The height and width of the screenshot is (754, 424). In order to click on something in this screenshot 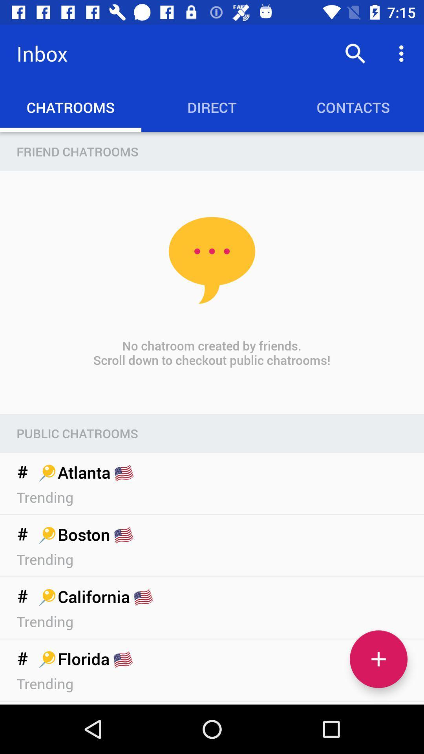, I will do `click(378, 659)`.